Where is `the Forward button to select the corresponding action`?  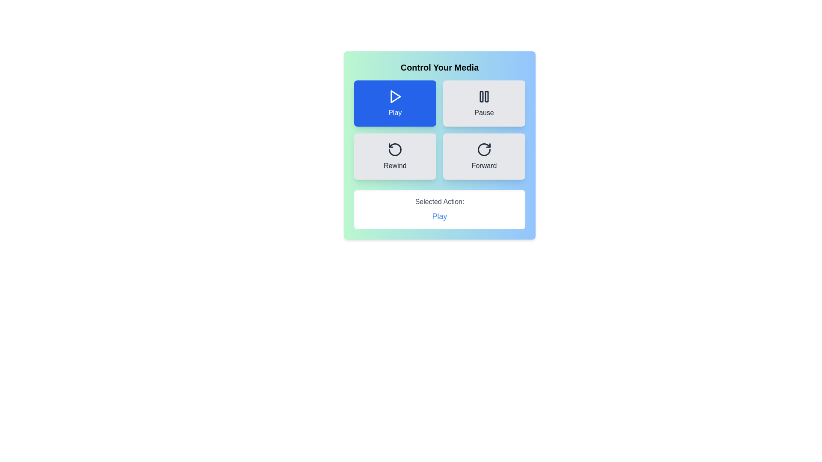
the Forward button to select the corresponding action is located at coordinates (484, 157).